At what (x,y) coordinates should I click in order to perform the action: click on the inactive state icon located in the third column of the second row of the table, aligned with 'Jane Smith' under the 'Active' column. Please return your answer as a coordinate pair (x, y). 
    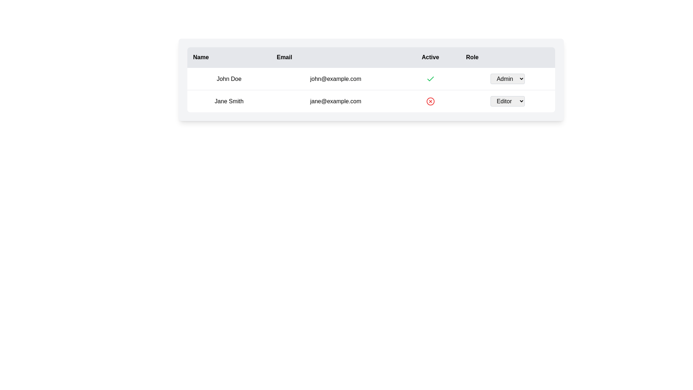
    Looking at the image, I should click on (430, 101).